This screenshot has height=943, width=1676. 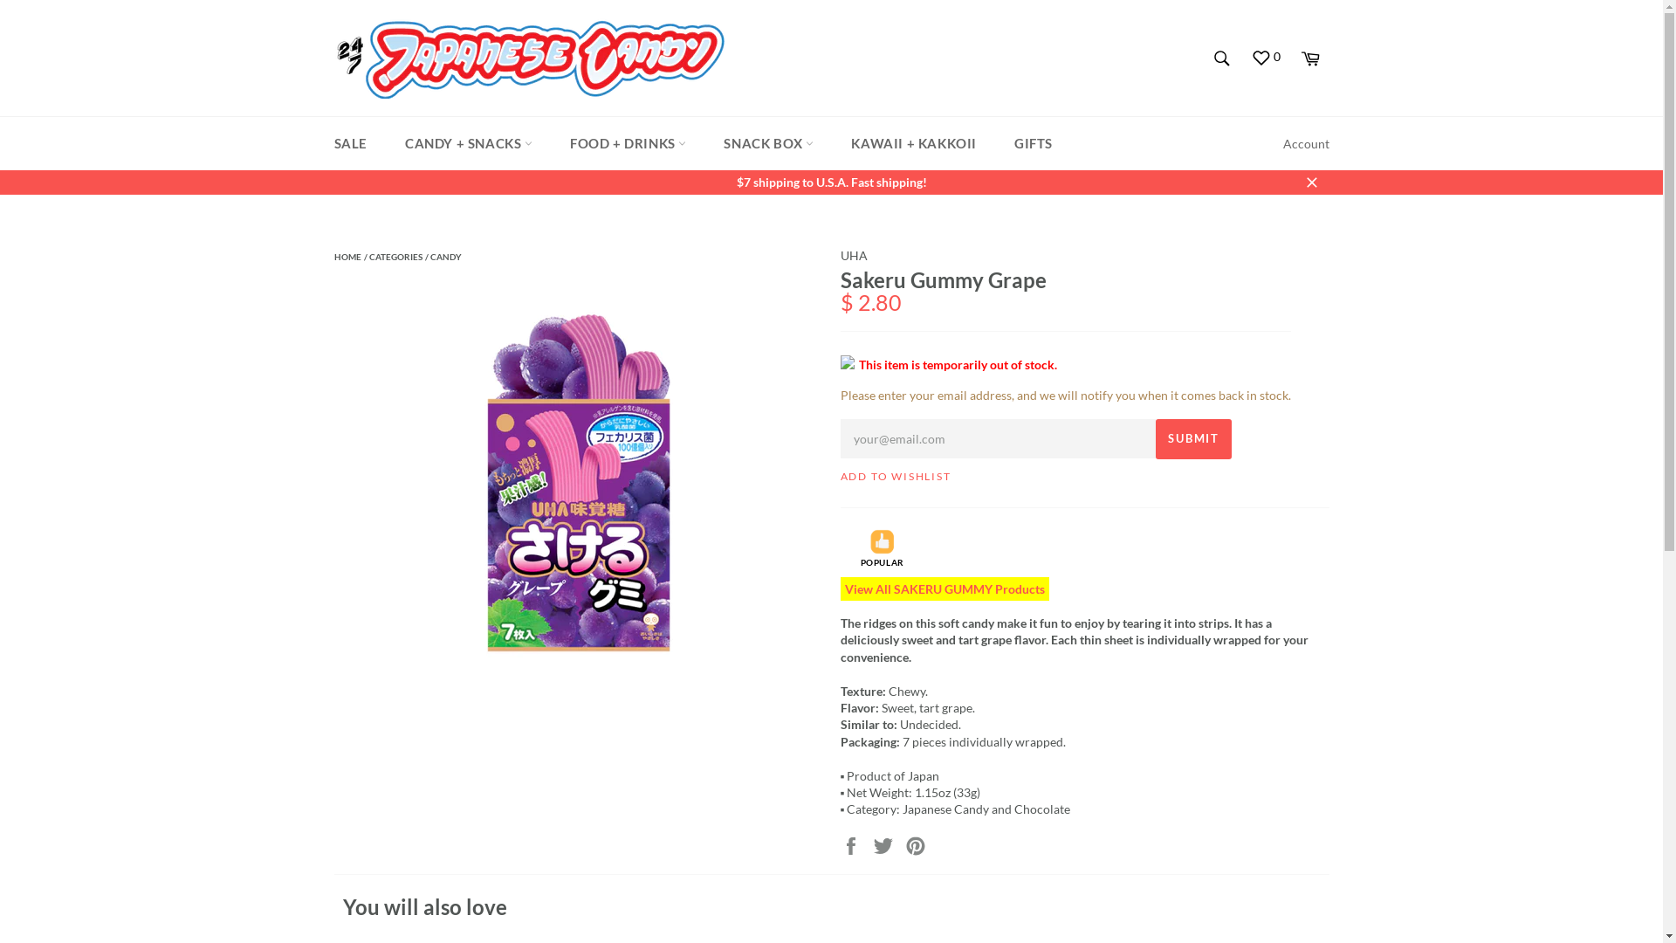 What do you see at coordinates (833, 142) in the screenshot?
I see `'KAWAII + KAKKOII'` at bounding box center [833, 142].